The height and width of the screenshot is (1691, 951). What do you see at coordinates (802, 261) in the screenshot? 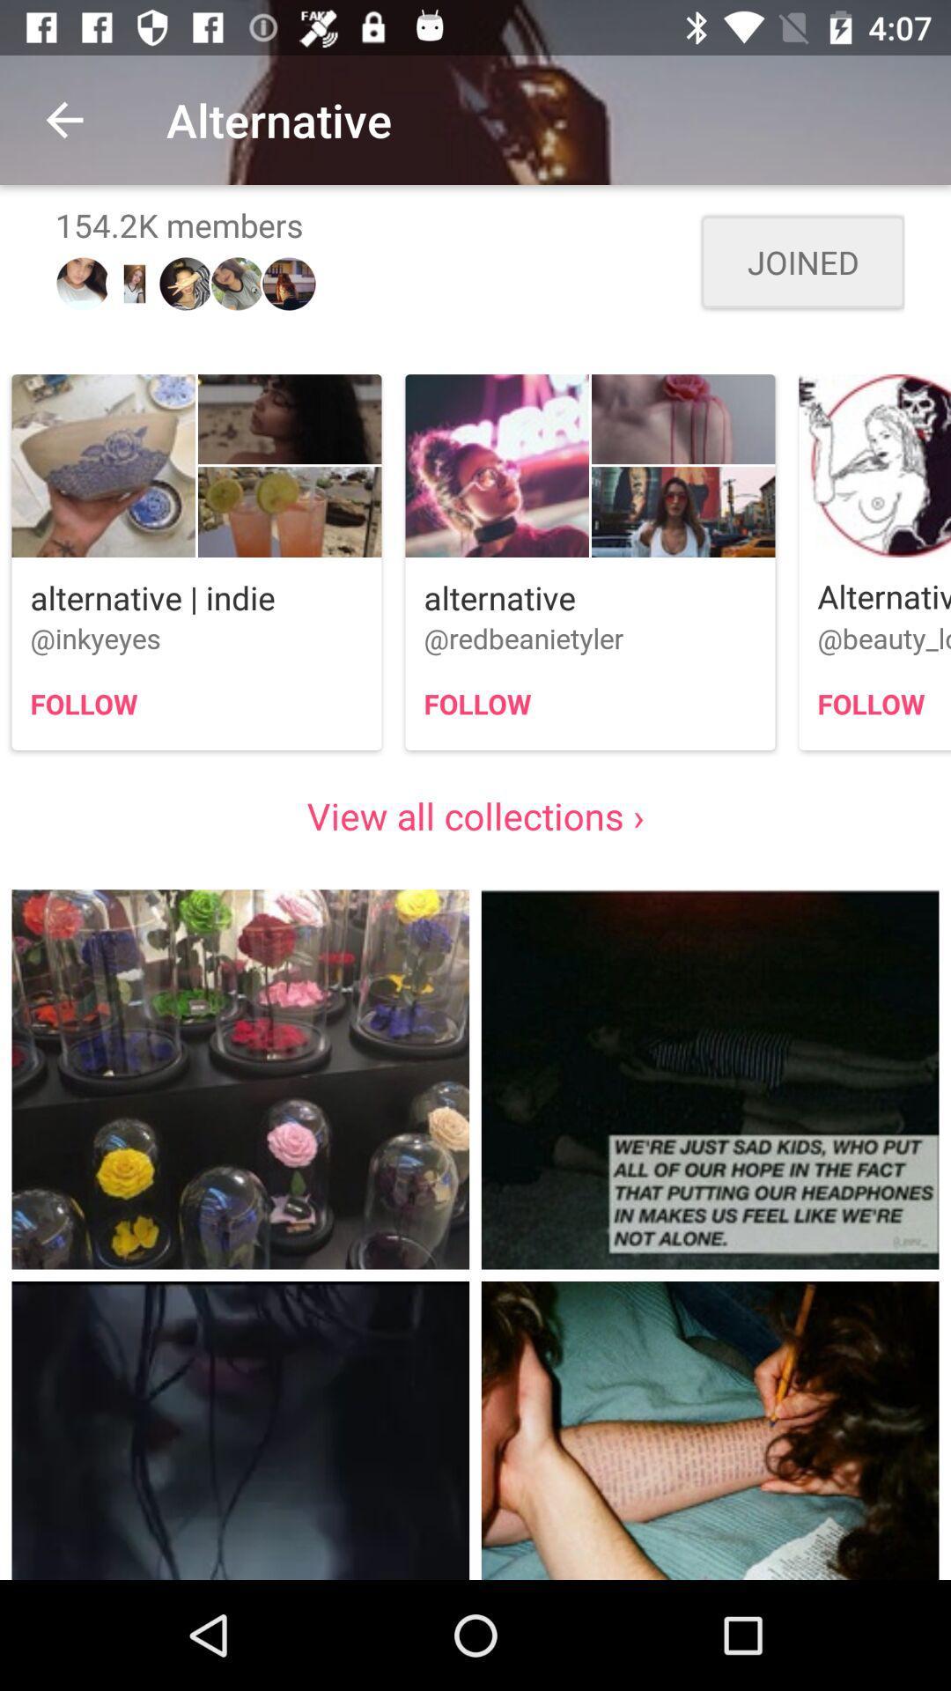
I see `the joined icon` at bounding box center [802, 261].